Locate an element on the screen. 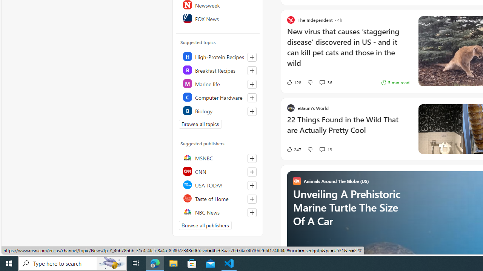  'Browse all topics' is located at coordinates (200, 124).